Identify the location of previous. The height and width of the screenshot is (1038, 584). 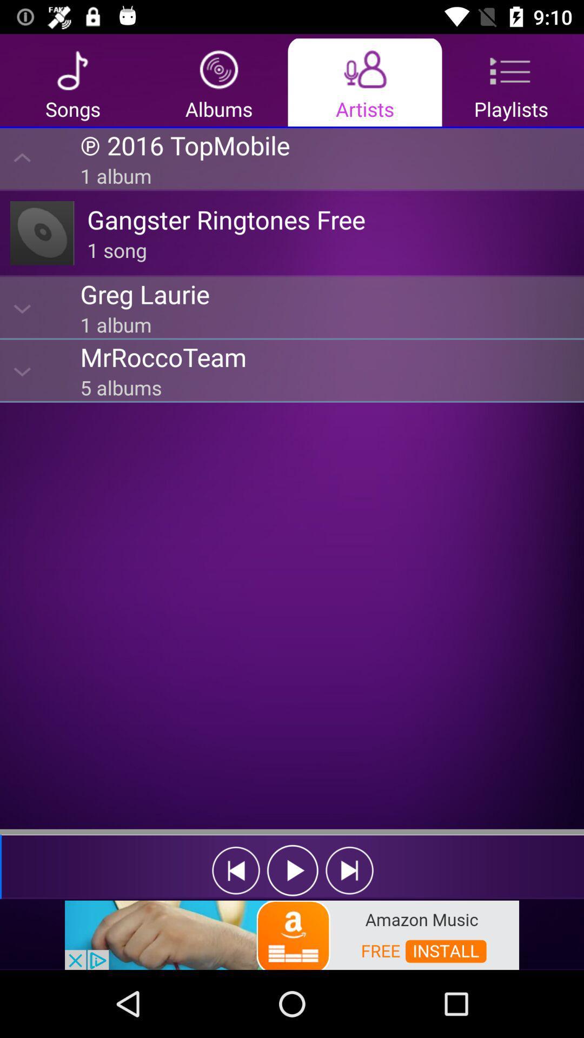
(235, 870).